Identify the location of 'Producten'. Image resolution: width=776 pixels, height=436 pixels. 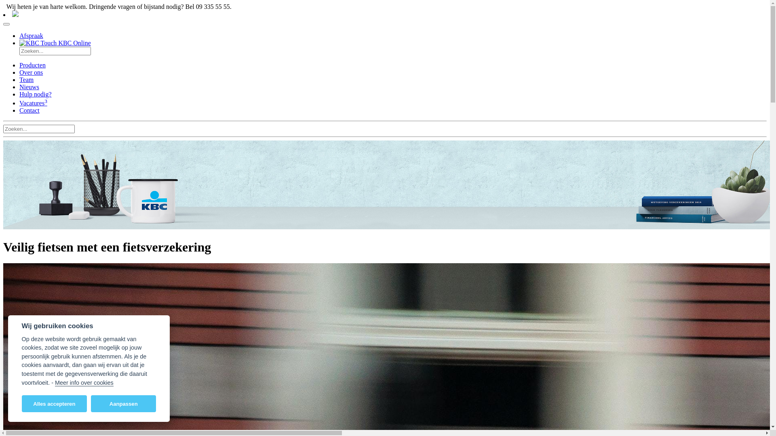
(32, 65).